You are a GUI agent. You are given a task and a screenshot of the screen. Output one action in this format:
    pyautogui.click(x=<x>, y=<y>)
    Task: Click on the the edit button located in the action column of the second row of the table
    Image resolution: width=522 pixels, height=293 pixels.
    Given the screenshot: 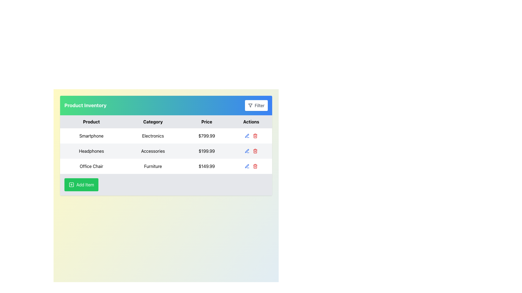 What is the action you would take?
    pyautogui.click(x=247, y=136)
    